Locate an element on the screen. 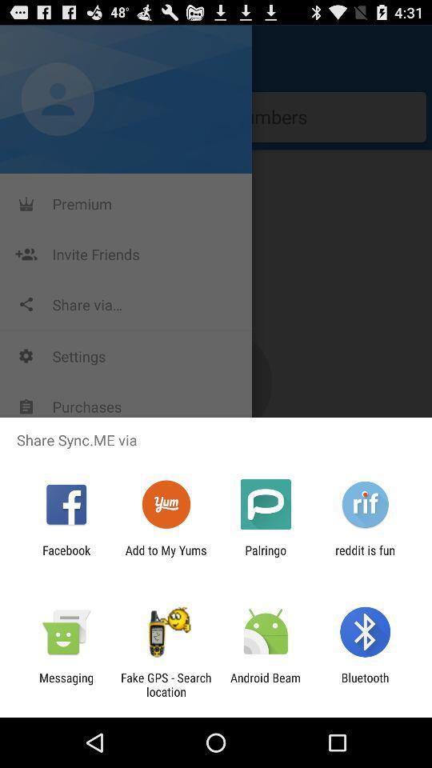  the item next to bluetooth item is located at coordinates (266, 684).